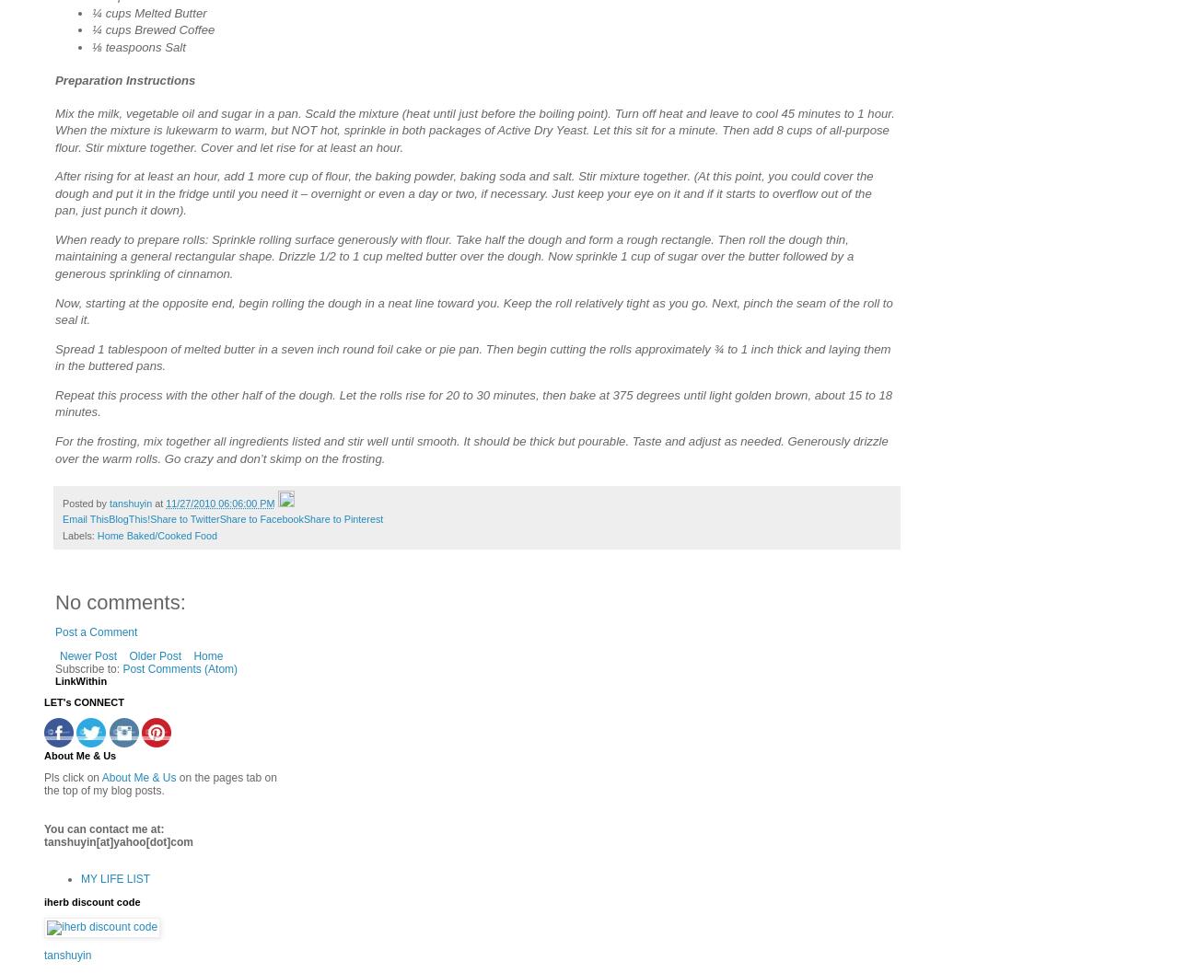  Describe the element at coordinates (220, 502) in the screenshot. I see `'11/27/2010 06:06:00 PM'` at that location.